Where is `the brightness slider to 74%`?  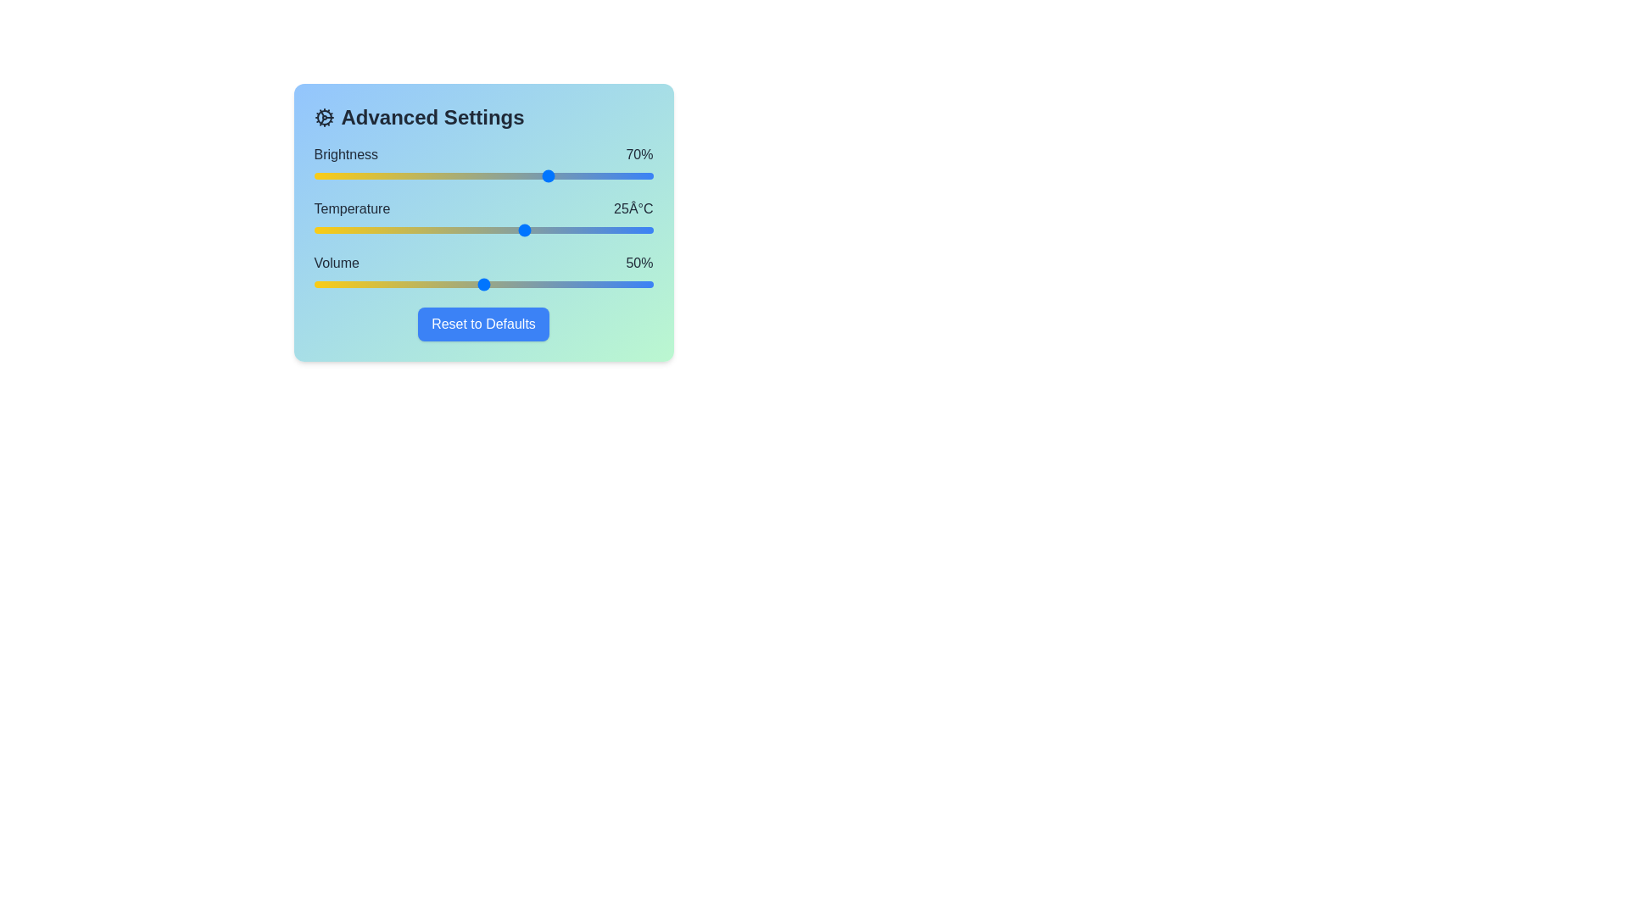 the brightness slider to 74% is located at coordinates (565, 176).